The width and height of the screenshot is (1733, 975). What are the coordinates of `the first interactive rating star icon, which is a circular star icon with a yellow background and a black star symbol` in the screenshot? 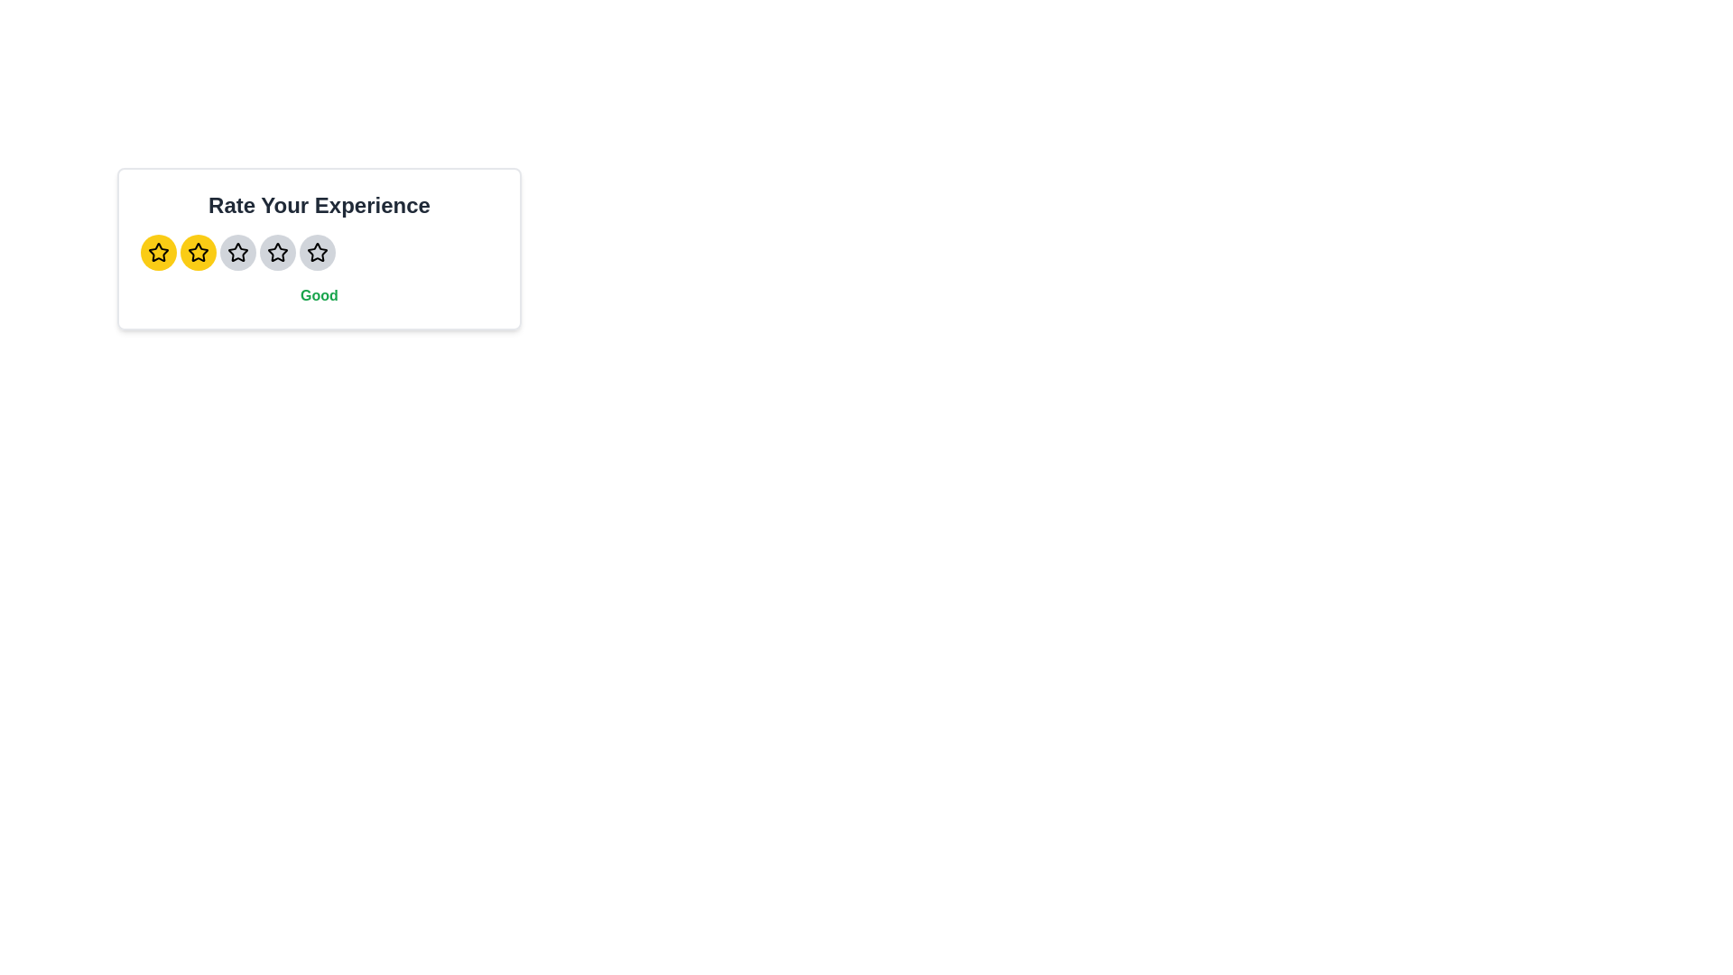 It's located at (159, 253).